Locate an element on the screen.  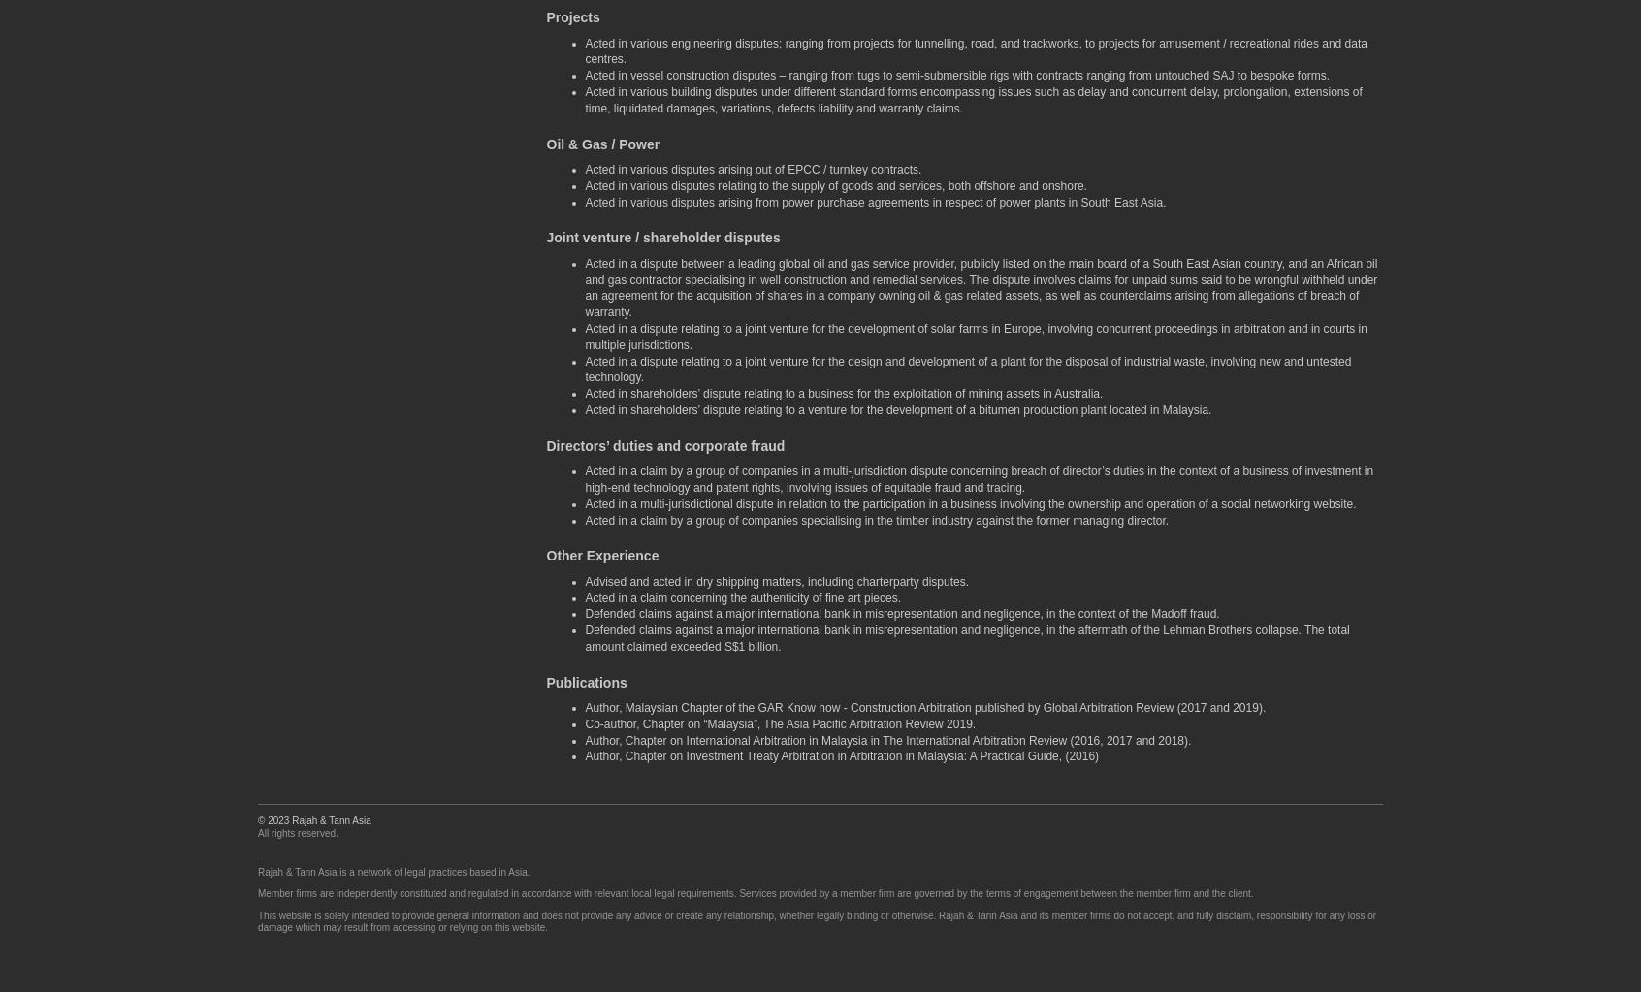
'Joint venture / shareholder disputes' is located at coordinates (664, 238).